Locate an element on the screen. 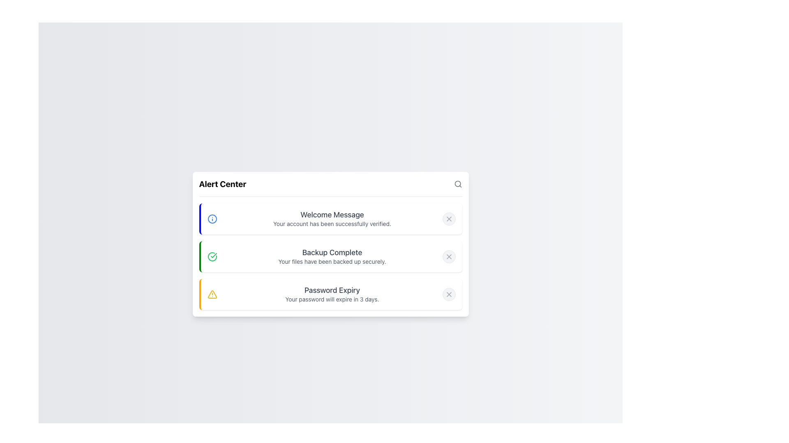  the triangular warning icon in the Password Expiry alert is located at coordinates (212, 294).